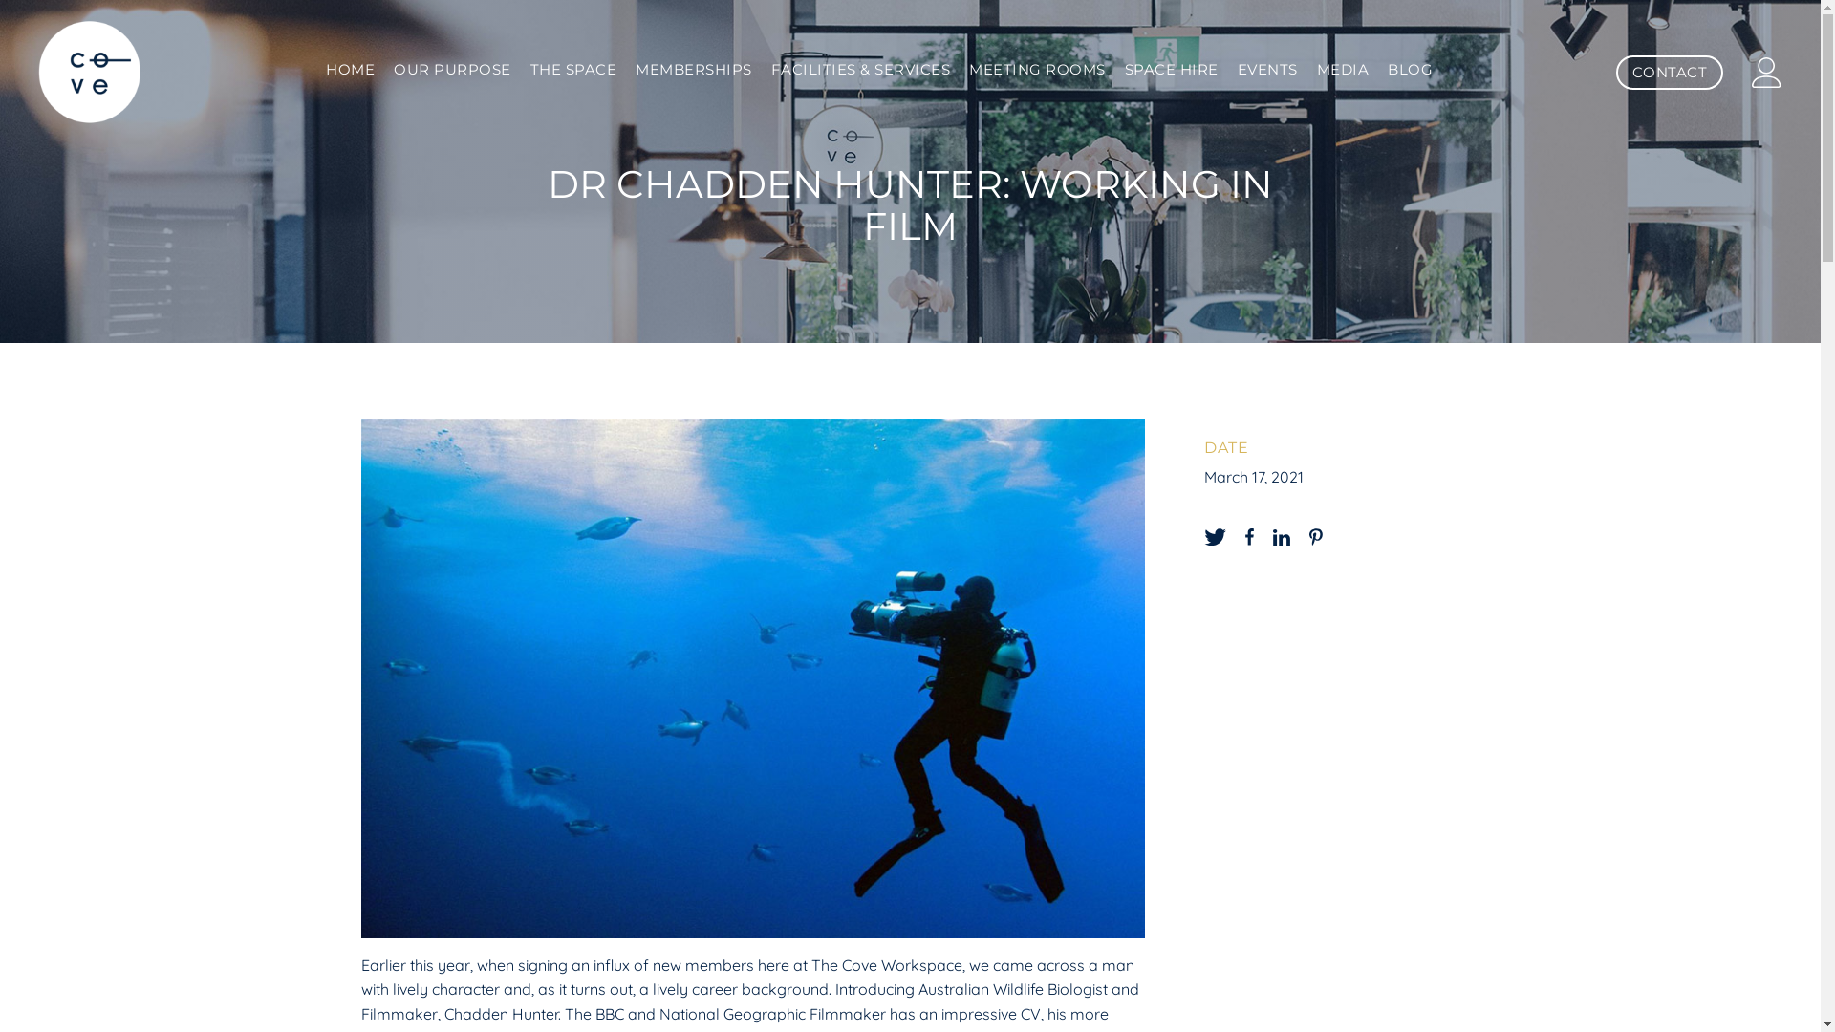 The width and height of the screenshot is (1835, 1032). Describe the element at coordinates (692, 69) in the screenshot. I see `'MEMBERSHIPS'` at that location.